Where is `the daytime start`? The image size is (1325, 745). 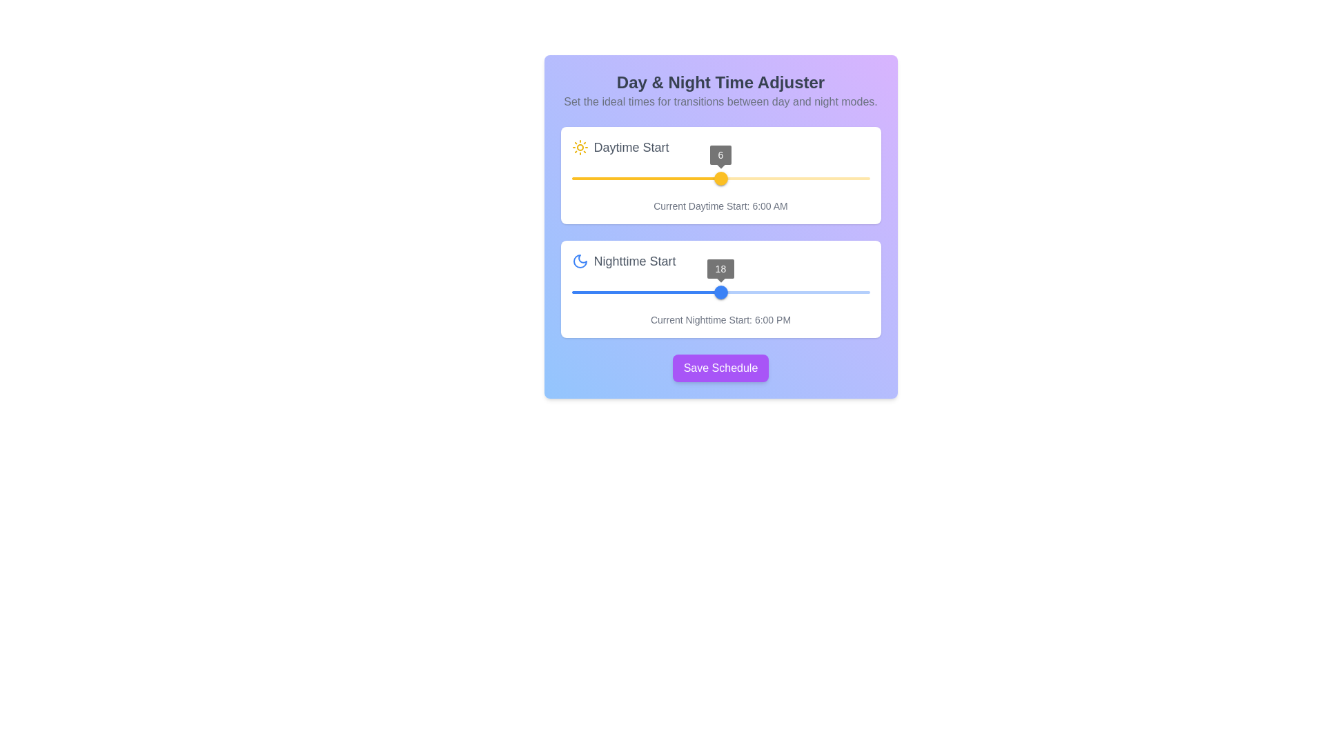
the daytime start is located at coordinates (783, 177).